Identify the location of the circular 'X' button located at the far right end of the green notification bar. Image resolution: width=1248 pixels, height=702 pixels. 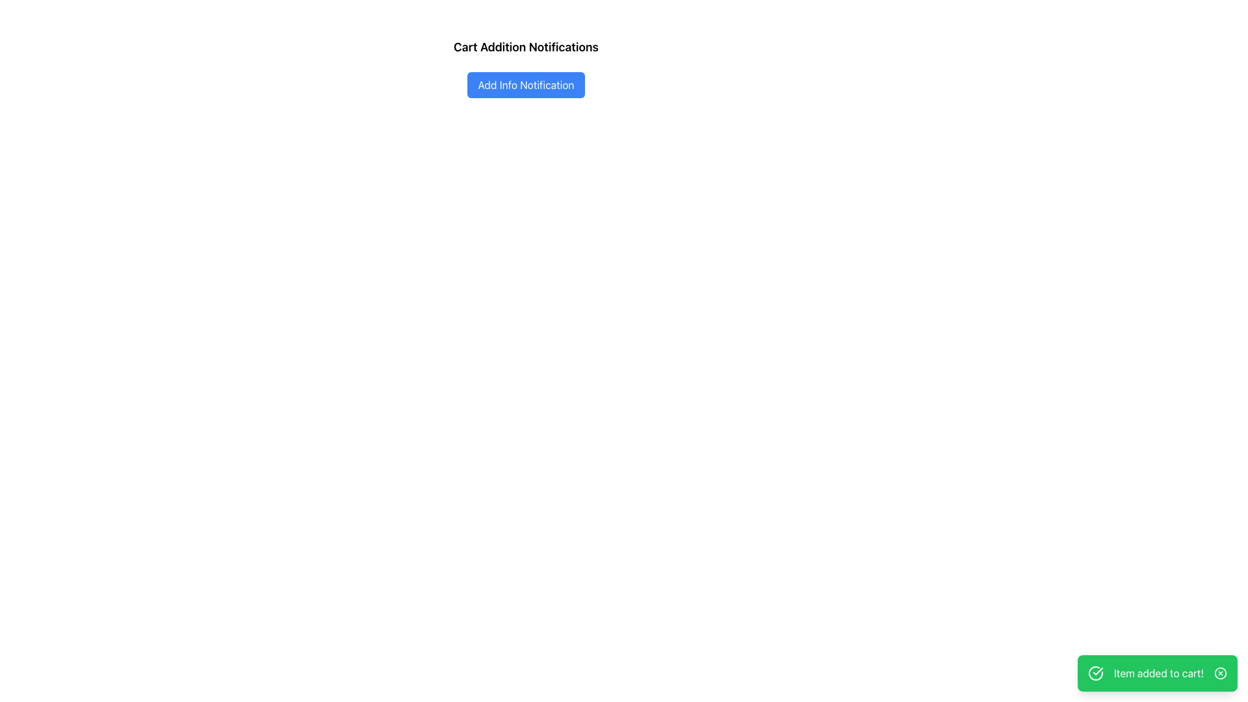
(1219, 673).